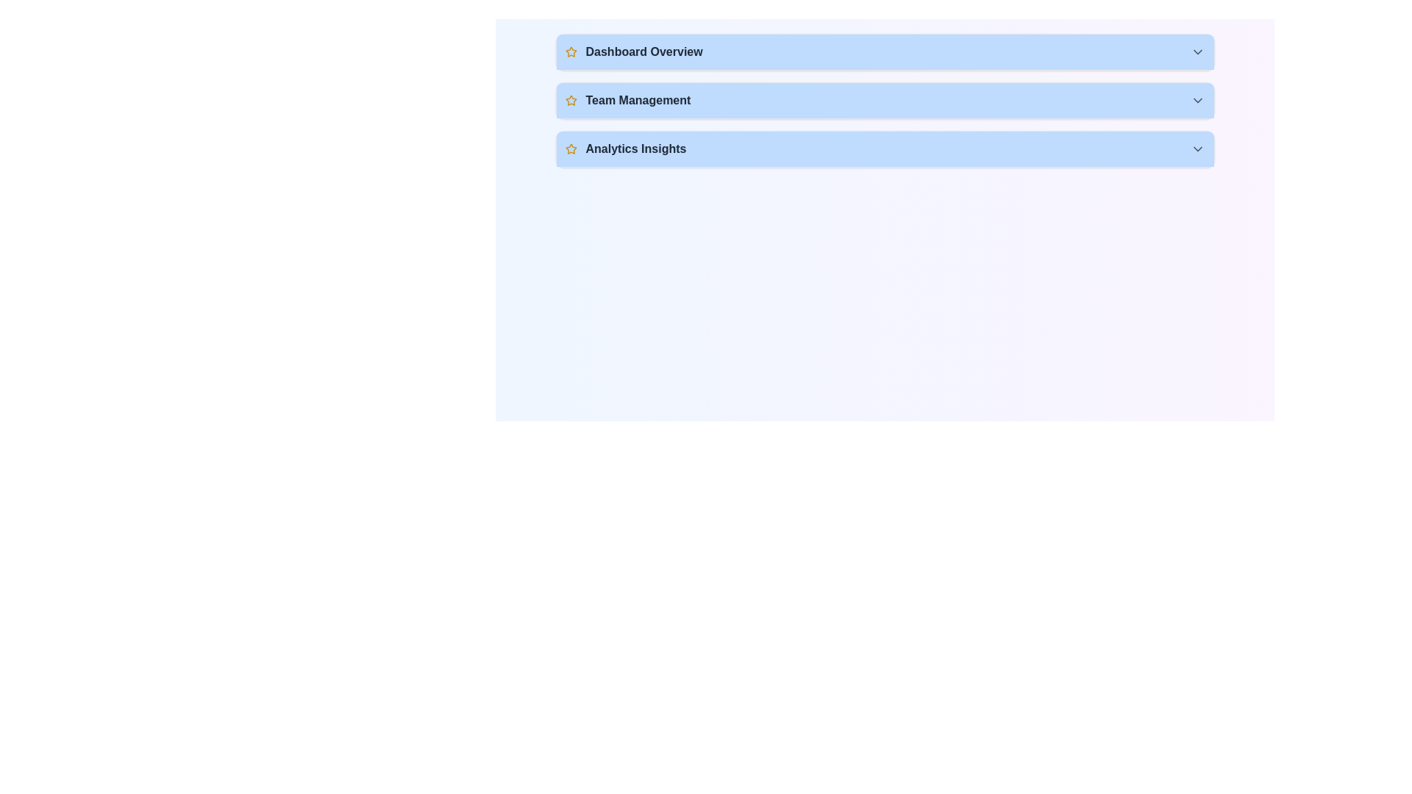 The image size is (1412, 794). What do you see at coordinates (570, 99) in the screenshot?
I see `the yellow star icon located at the top section of the layout` at bounding box center [570, 99].